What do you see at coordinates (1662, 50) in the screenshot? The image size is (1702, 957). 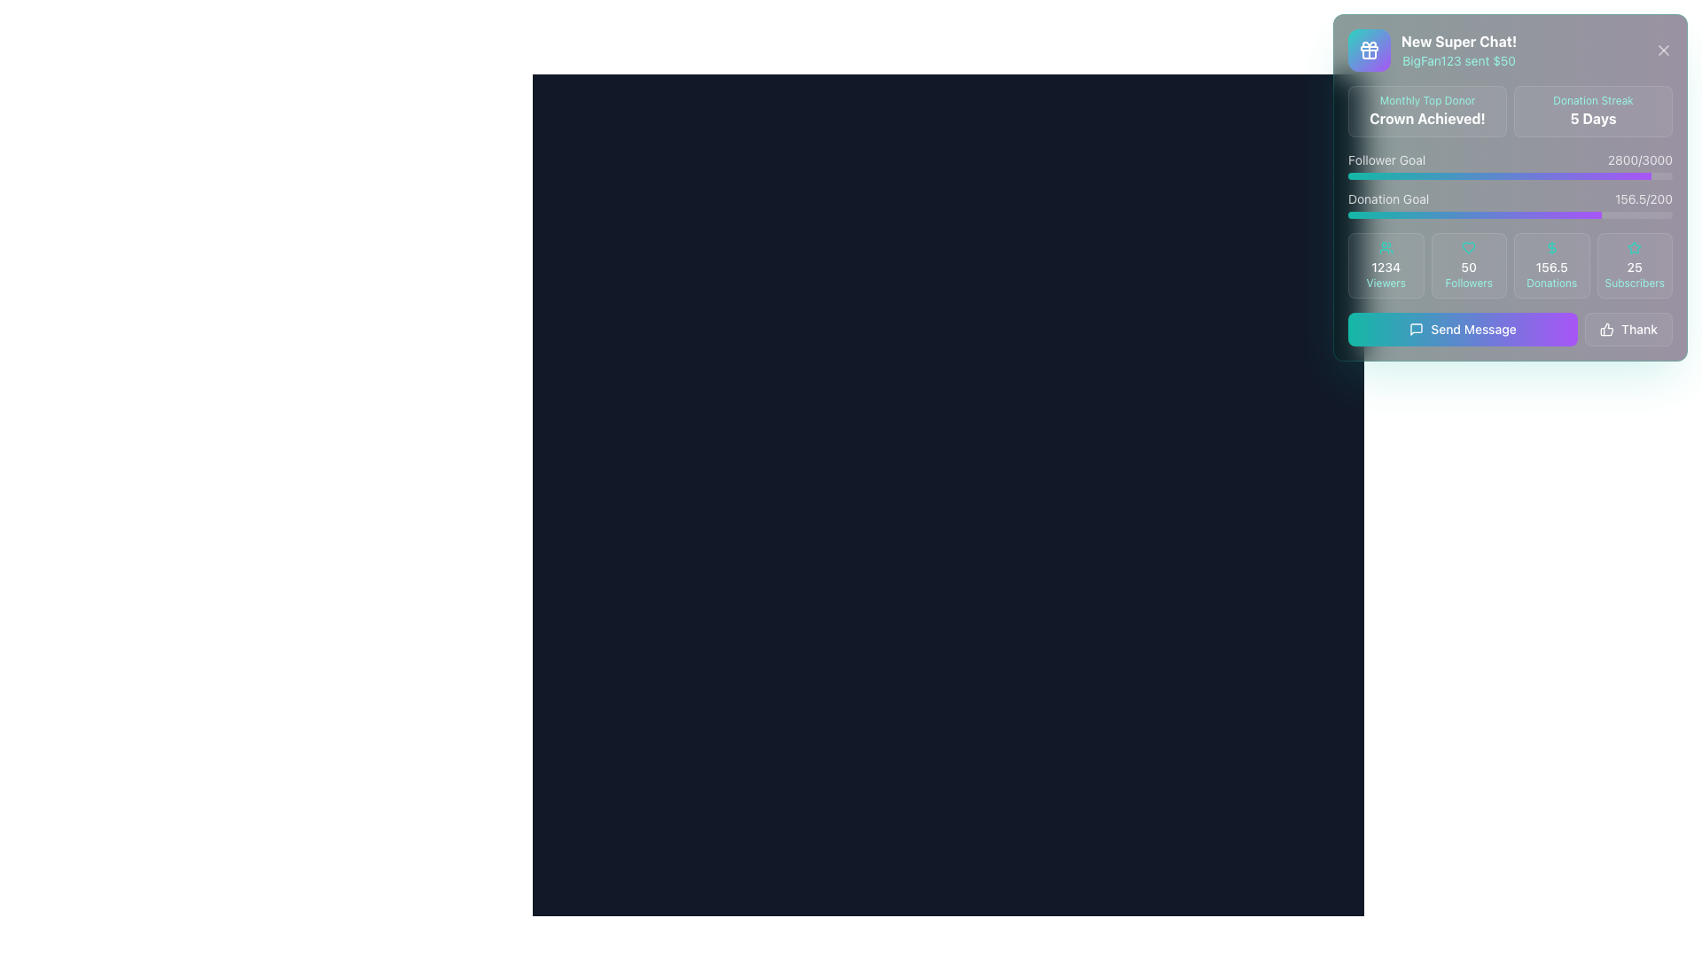 I see `the close icon located in the top-right corner of the floating card interface` at bounding box center [1662, 50].